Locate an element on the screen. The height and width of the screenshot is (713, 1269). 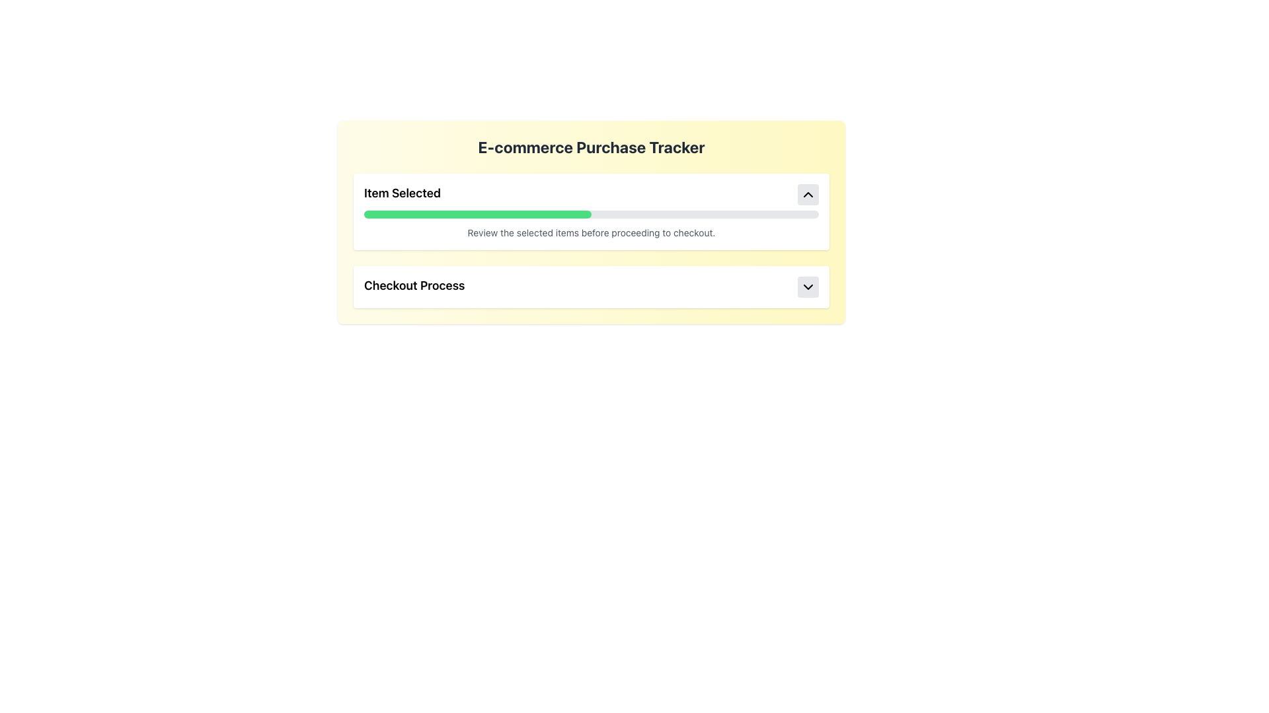
the Progress Bar indicating 50% completion, which is visually displayed above the text 'Review the selected items before proceeding to checkout.' is located at coordinates (477, 213).